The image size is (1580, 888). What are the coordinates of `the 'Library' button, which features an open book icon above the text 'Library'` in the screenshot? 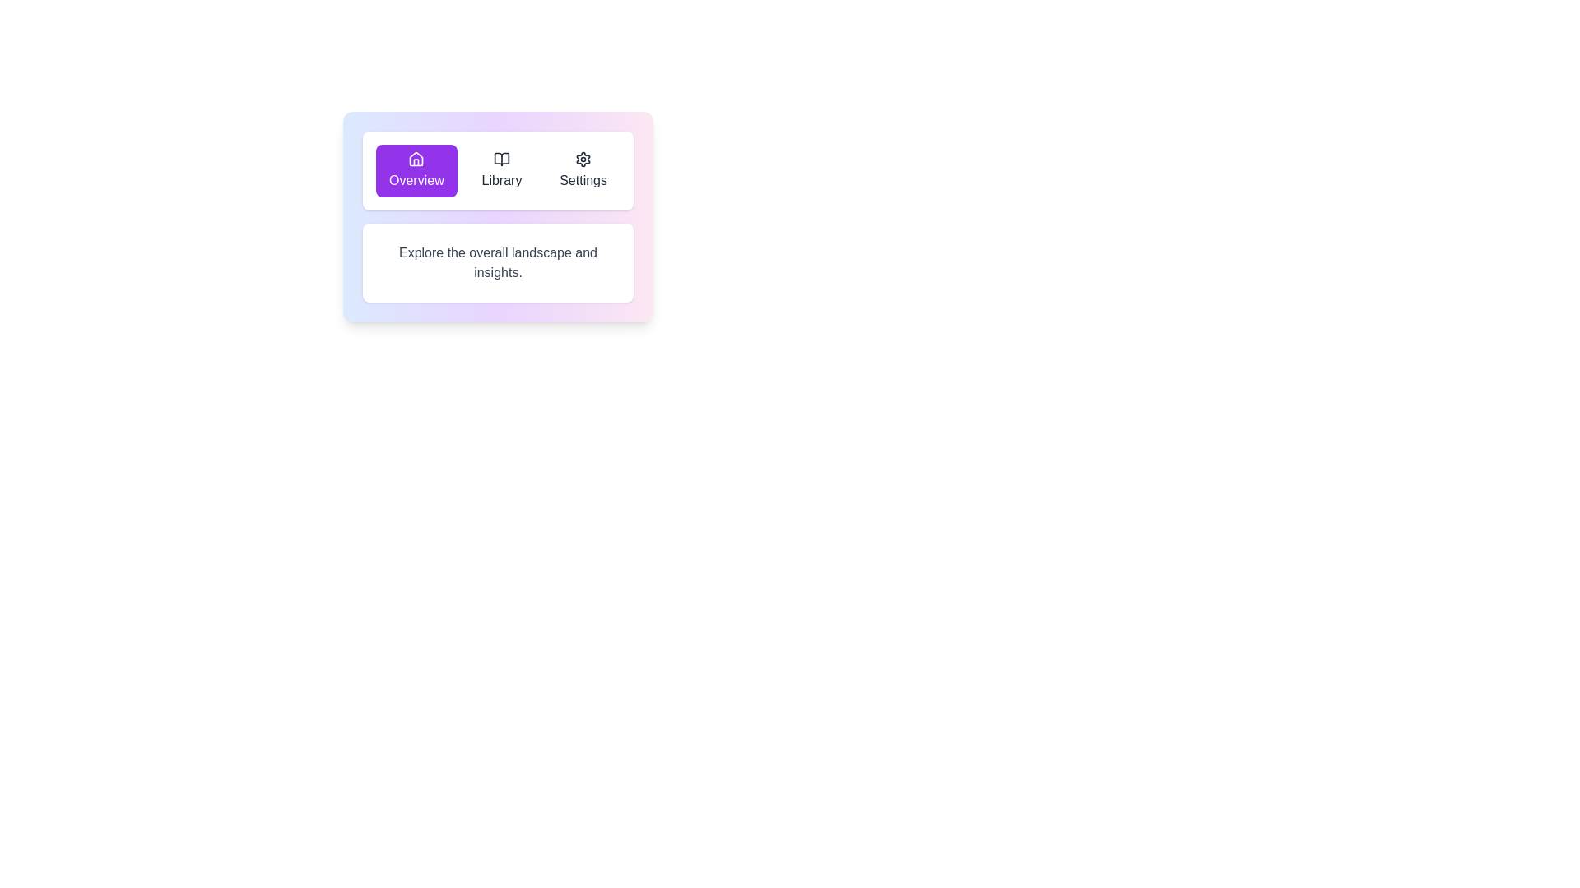 It's located at (500, 171).